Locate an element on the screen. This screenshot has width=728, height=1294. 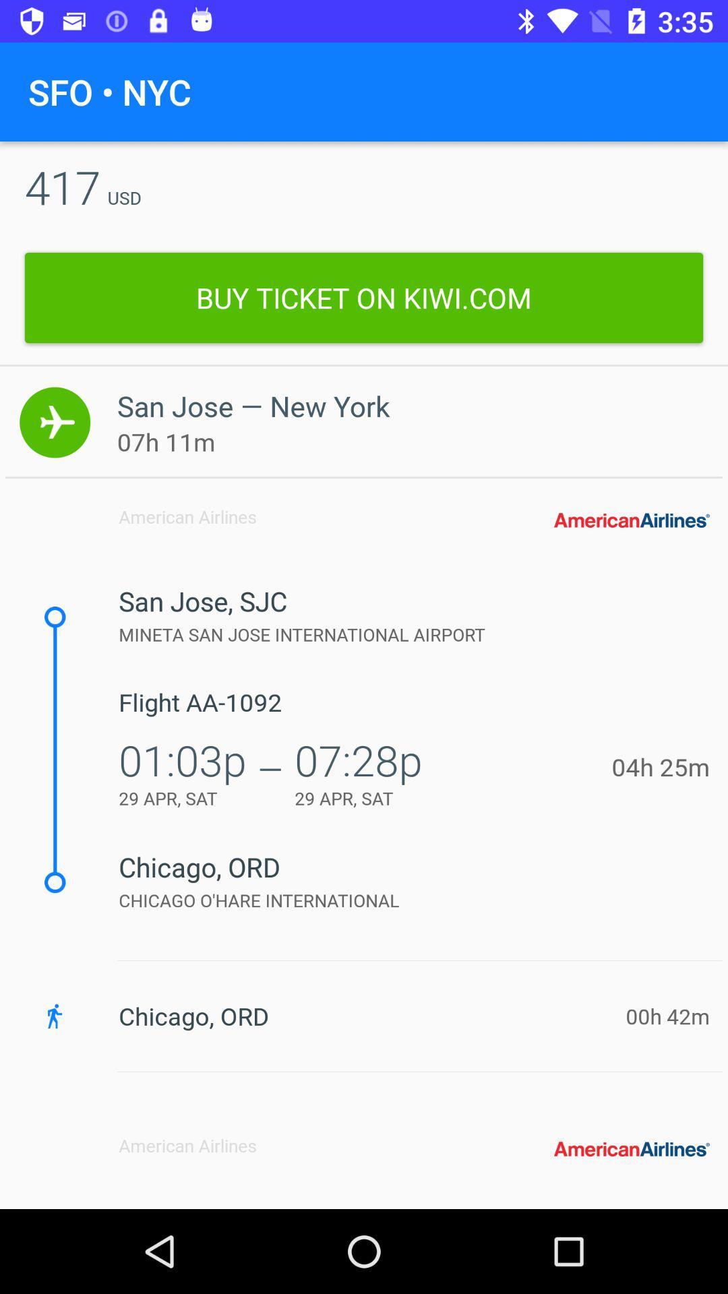
icon below the 417 icon is located at coordinates (364, 297).